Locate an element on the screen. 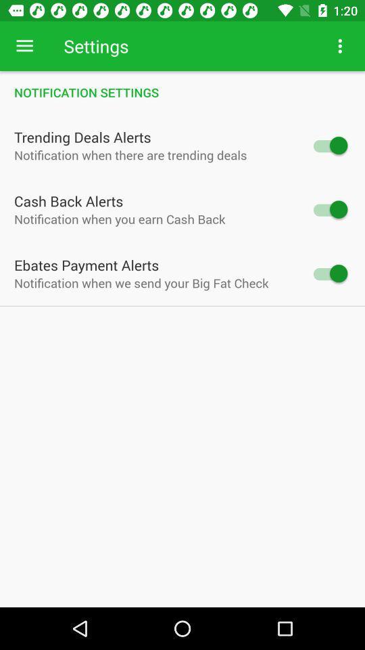 The width and height of the screenshot is (365, 650). selection off/on is located at coordinates (328, 273).